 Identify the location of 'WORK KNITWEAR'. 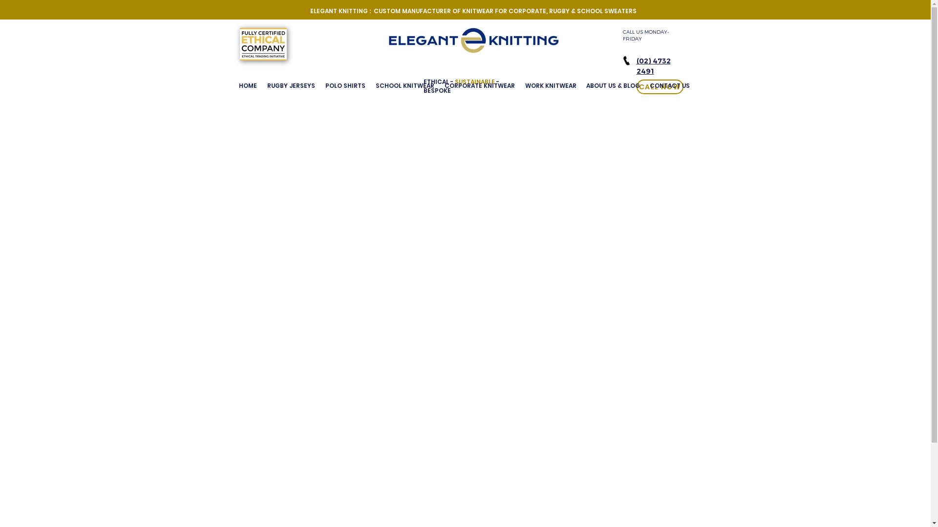
(550, 85).